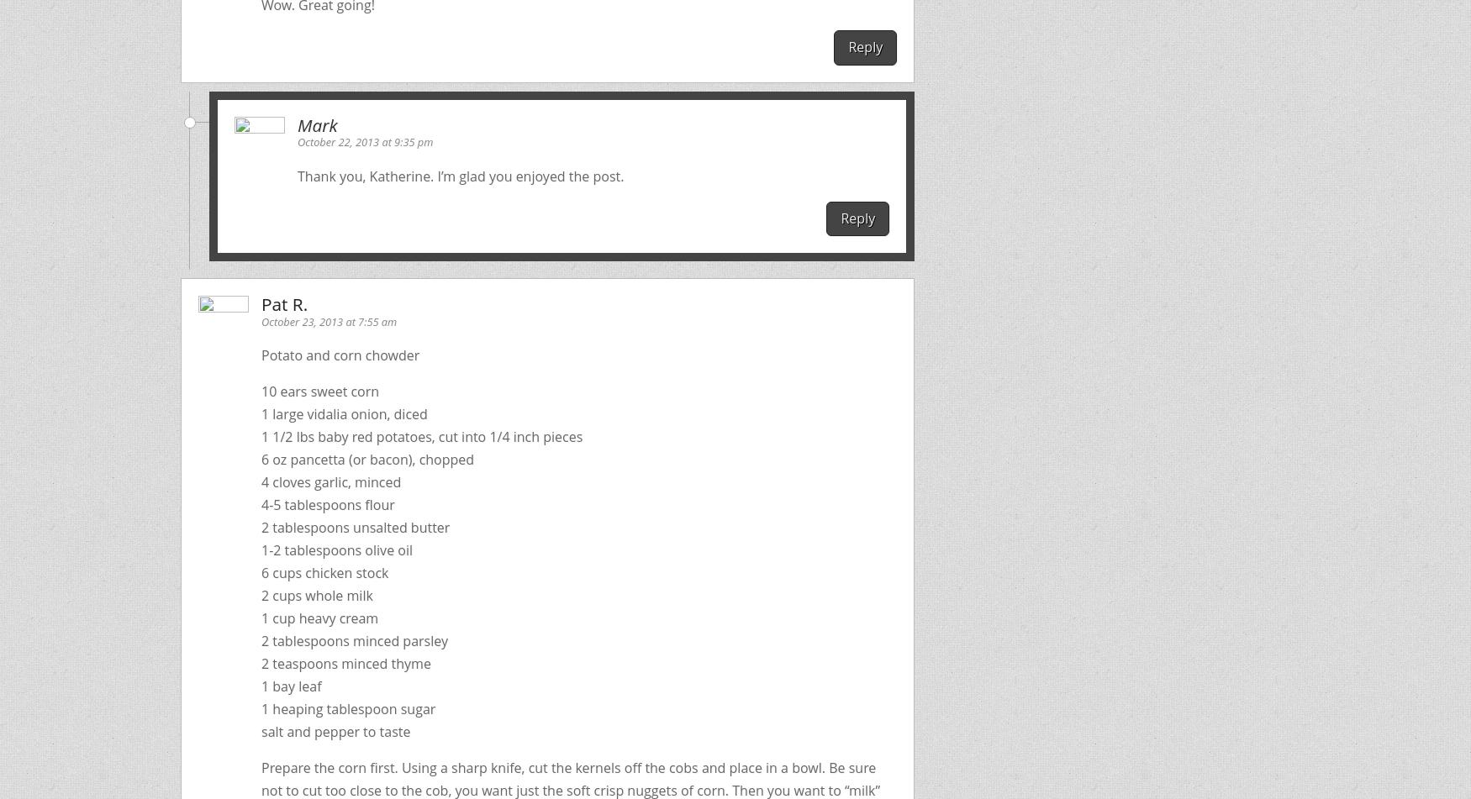  Describe the element at coordinates (345, 662) in the screenshot. I see `'2 teaspoons minced thyme'` at that location.